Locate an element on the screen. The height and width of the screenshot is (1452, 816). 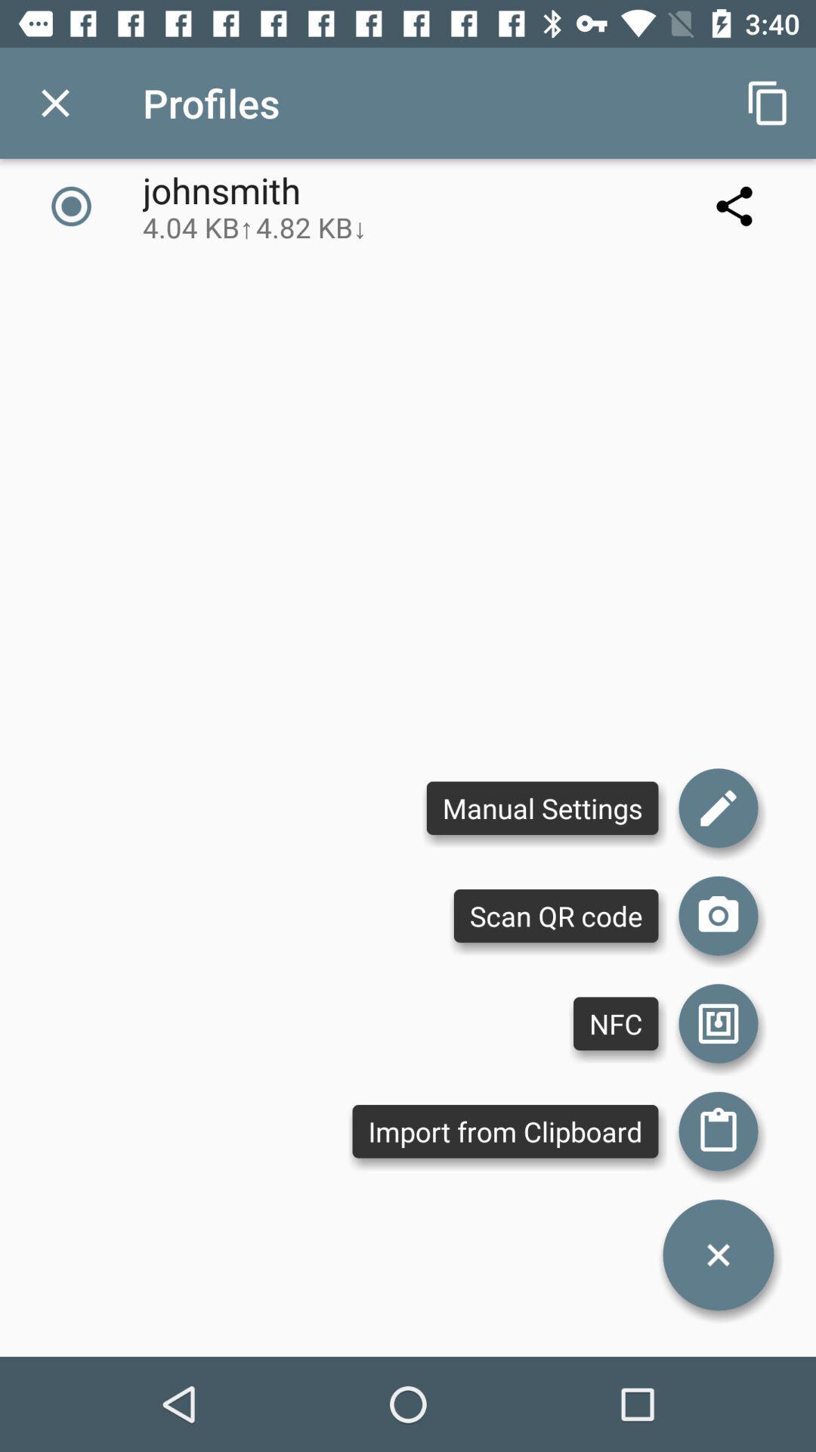
the icon to the right of the manual settings item is located at coordinates (718, 915).